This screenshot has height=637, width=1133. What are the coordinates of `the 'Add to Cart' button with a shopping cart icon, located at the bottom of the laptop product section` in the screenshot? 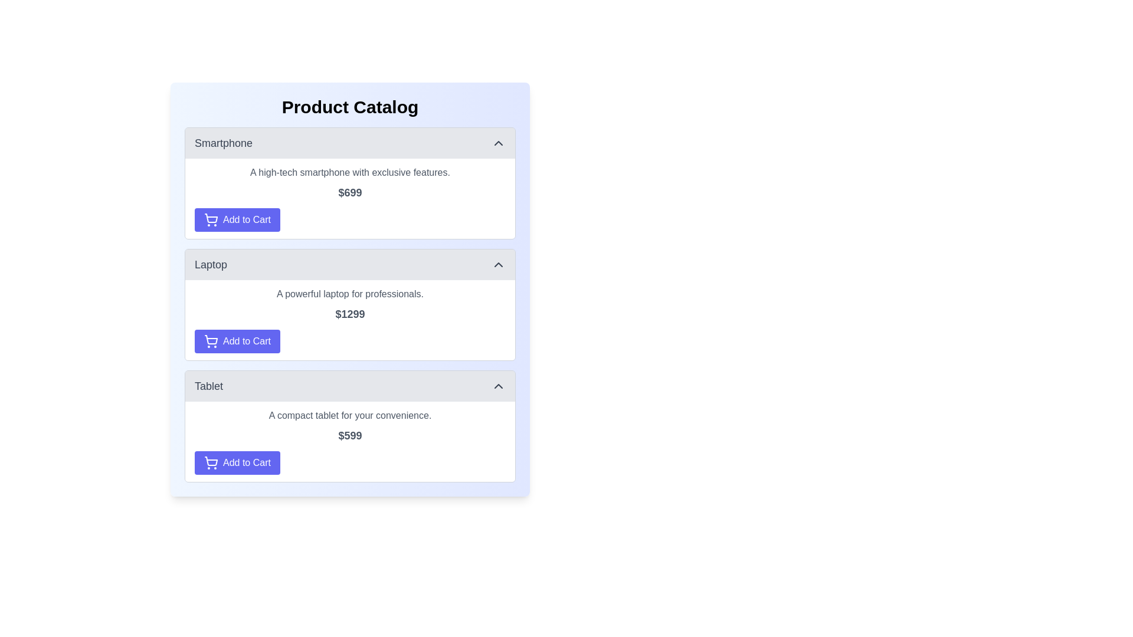 It's located at (237, 341).